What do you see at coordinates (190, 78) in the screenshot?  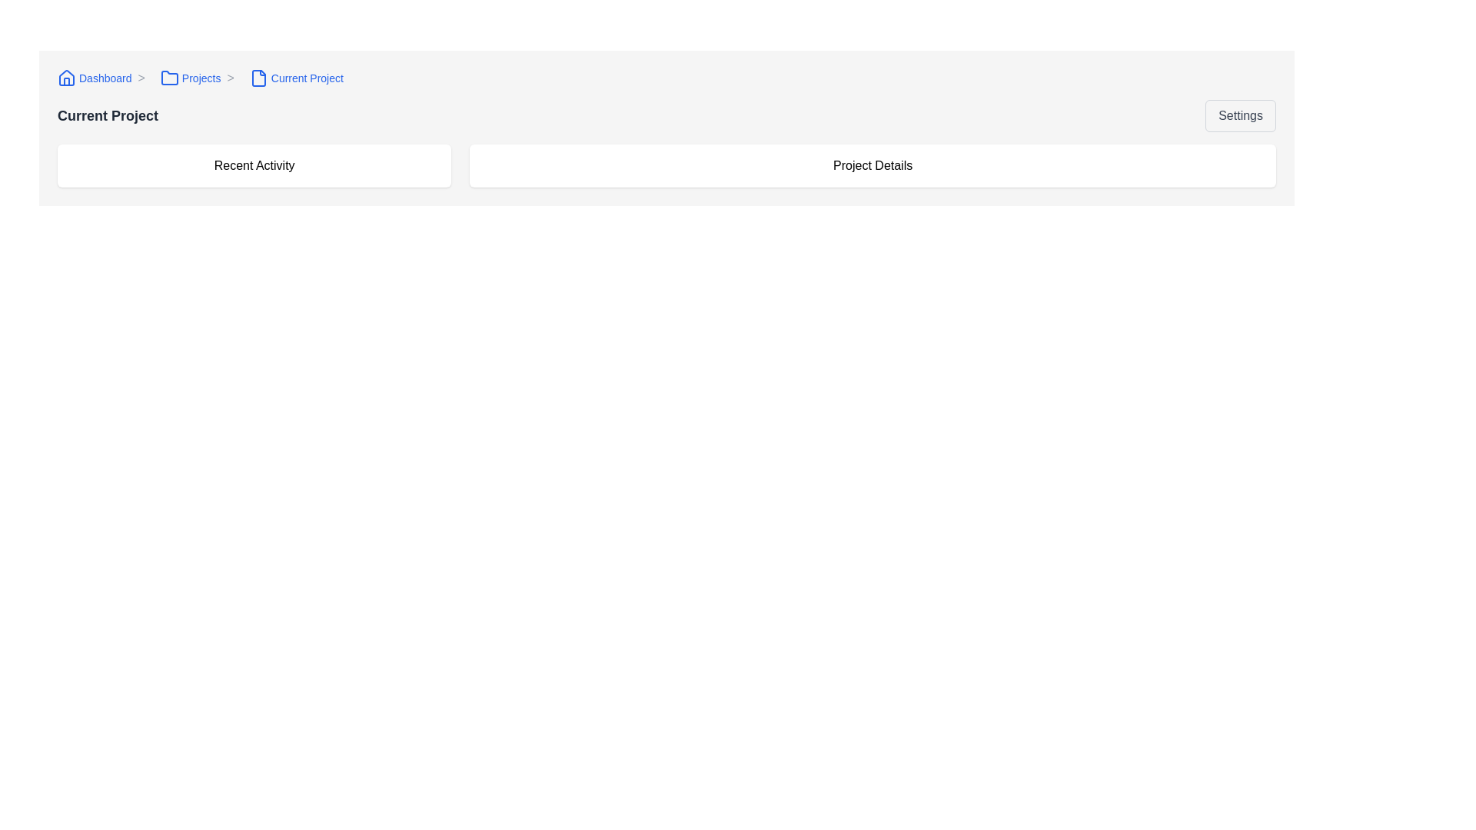 I see `the 'Projects' hyperlink in the breadcrumb navigation` at bounding box center [190, 78].